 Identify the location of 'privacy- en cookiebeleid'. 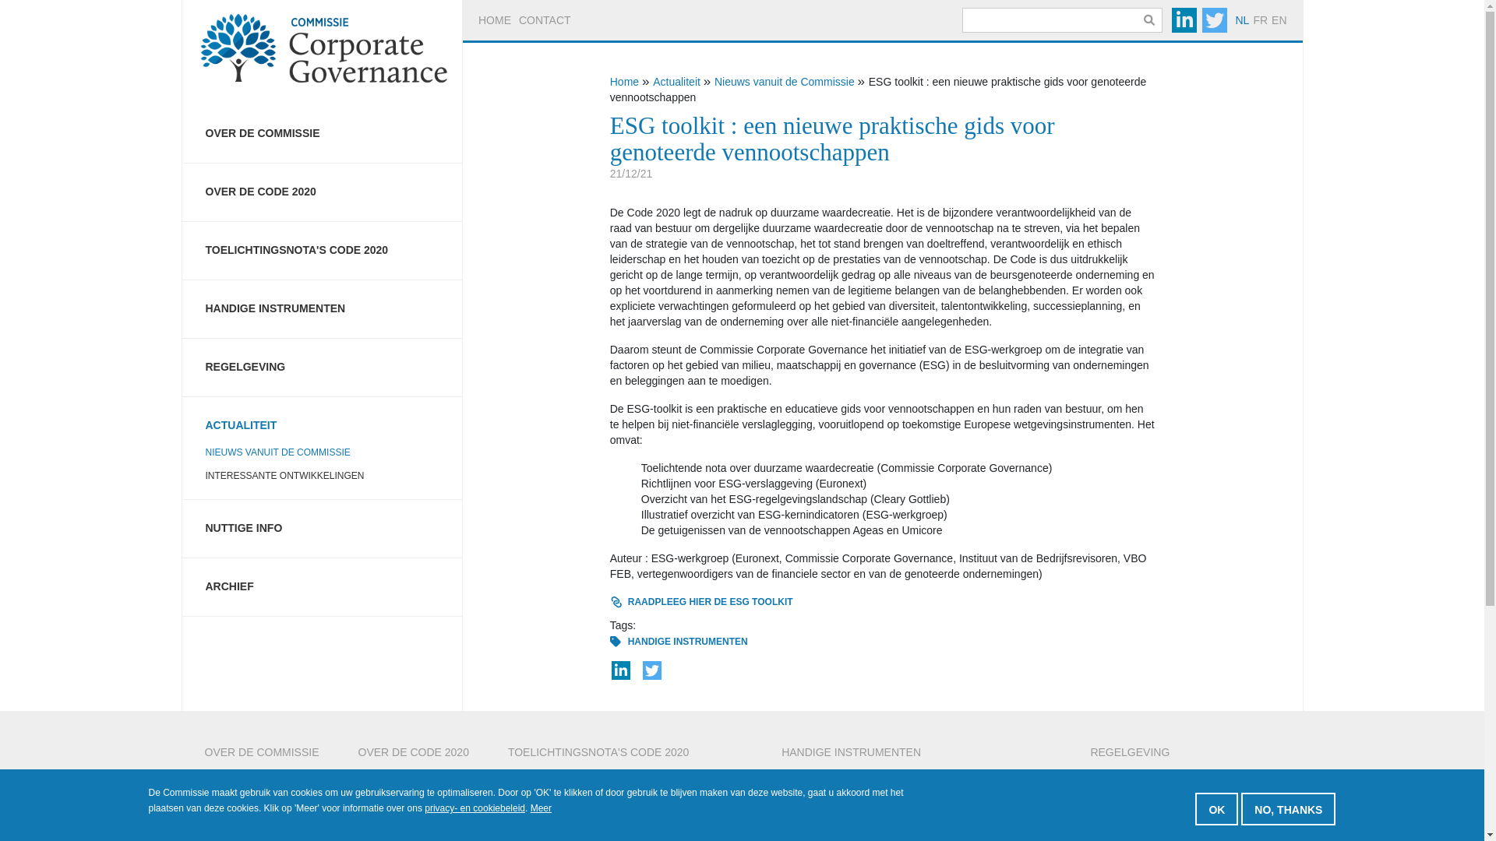
(474, 807).